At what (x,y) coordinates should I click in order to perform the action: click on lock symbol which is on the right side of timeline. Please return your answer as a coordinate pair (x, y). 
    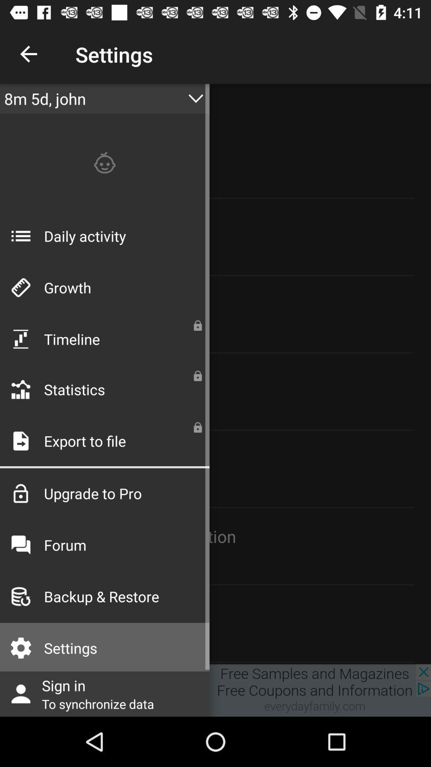
    Looking at the image, I should click on (198, 326).